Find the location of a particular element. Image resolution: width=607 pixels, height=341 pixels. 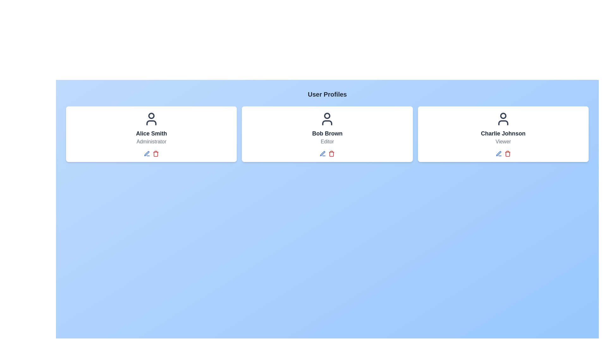

the delete icon button located in the bottom right corner of the user profile card for 'Alice Smith - Administrator' to initiate deletion of the user profile is located at coordinates (156, 154).